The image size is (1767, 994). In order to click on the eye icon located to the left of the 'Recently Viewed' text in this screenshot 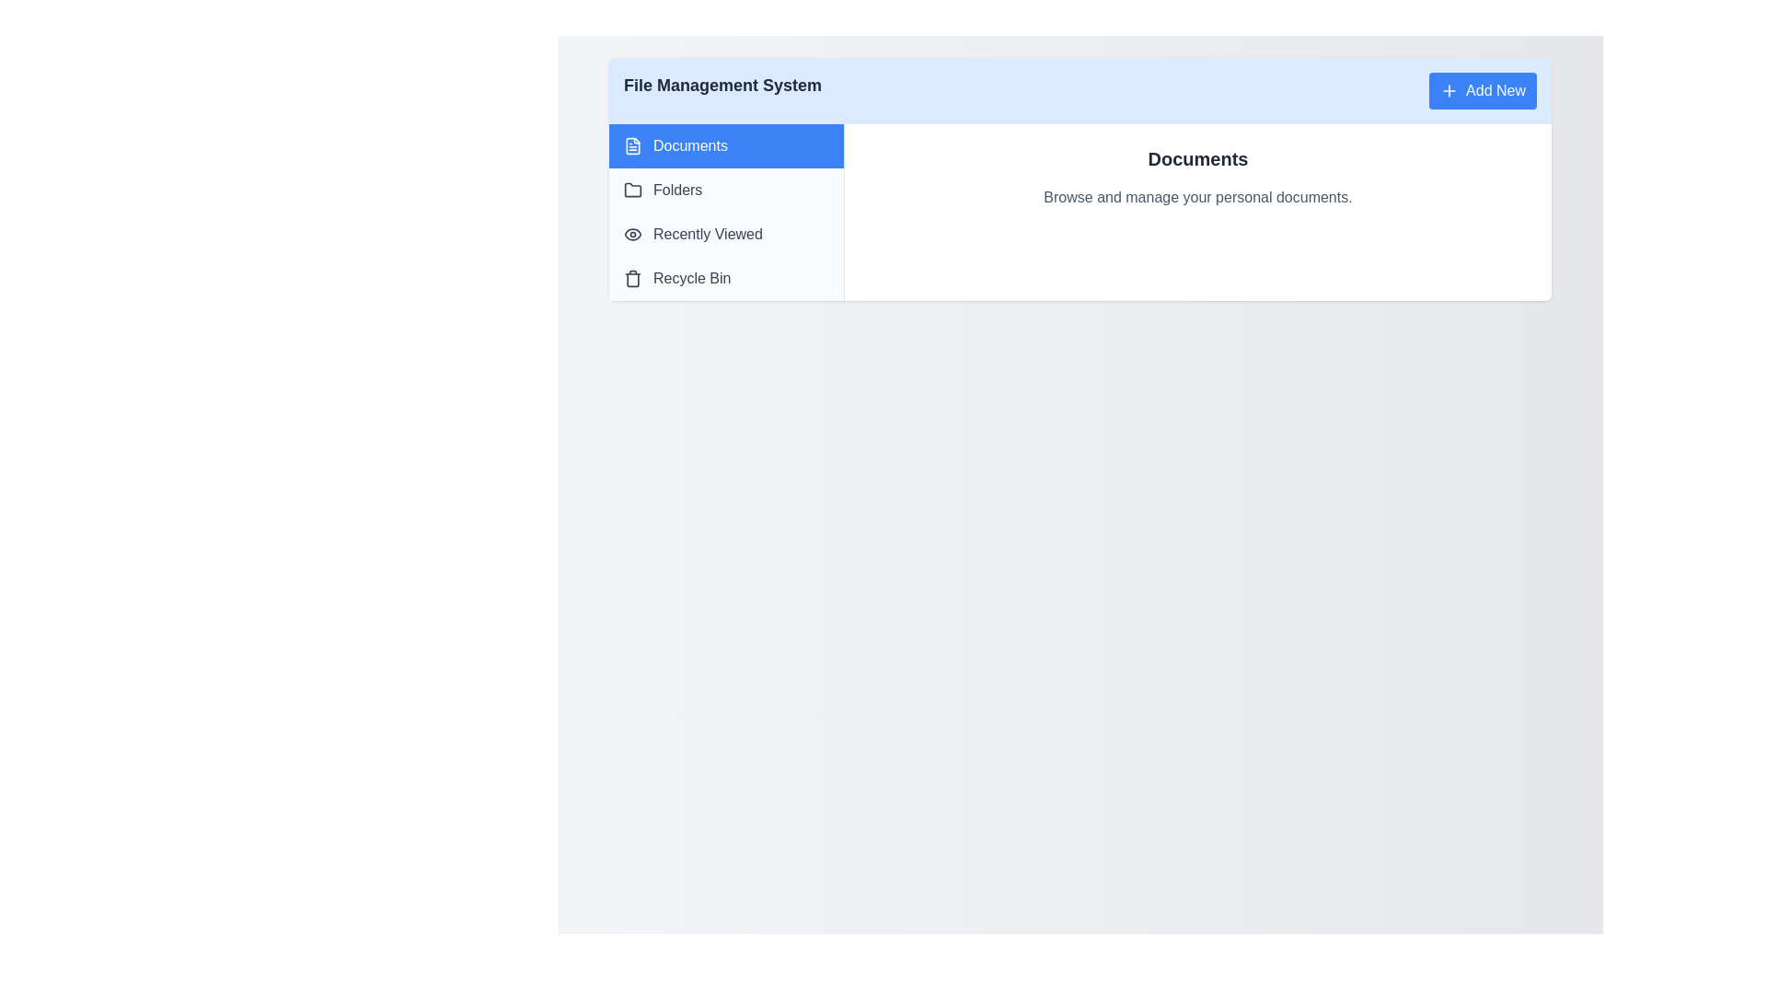, I will do `click(632, 233)`.